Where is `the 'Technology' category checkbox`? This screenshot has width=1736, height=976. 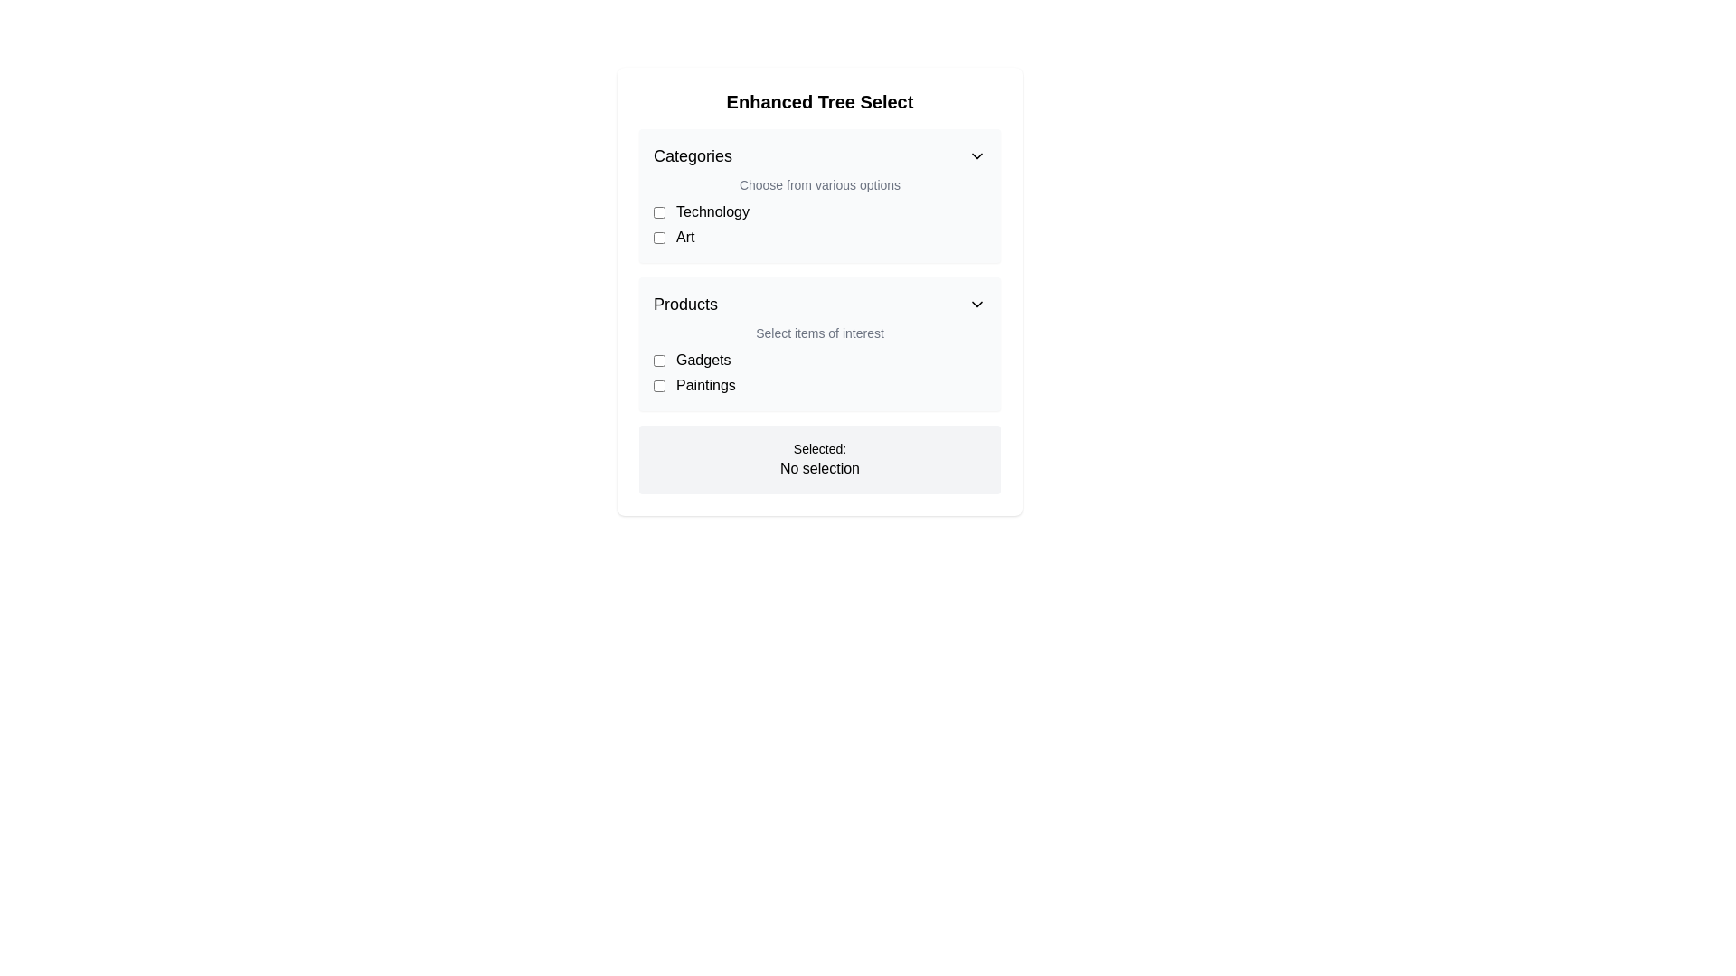
the 'Technology' category checkbox is located at coordinates (819, 211).